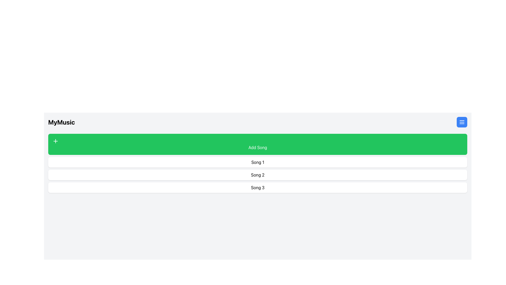 The height and width of the screenshot is (285, 506). Describe the element at coordinates (61, 122) in the screenshot. I see `the 'MyMusic' text label, which is prominently displayed in bold and large font on the top-left corner of the interface` at that location.